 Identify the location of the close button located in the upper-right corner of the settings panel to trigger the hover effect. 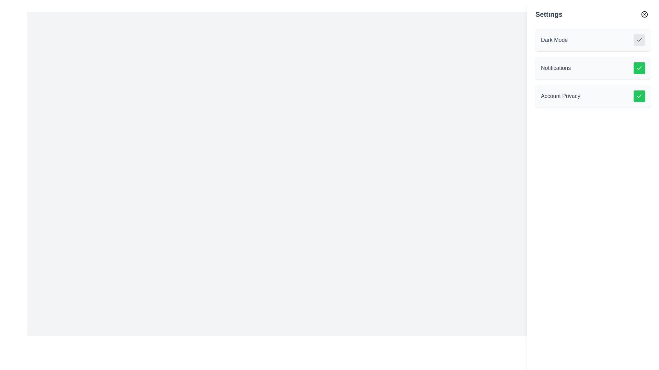
(644, 14).